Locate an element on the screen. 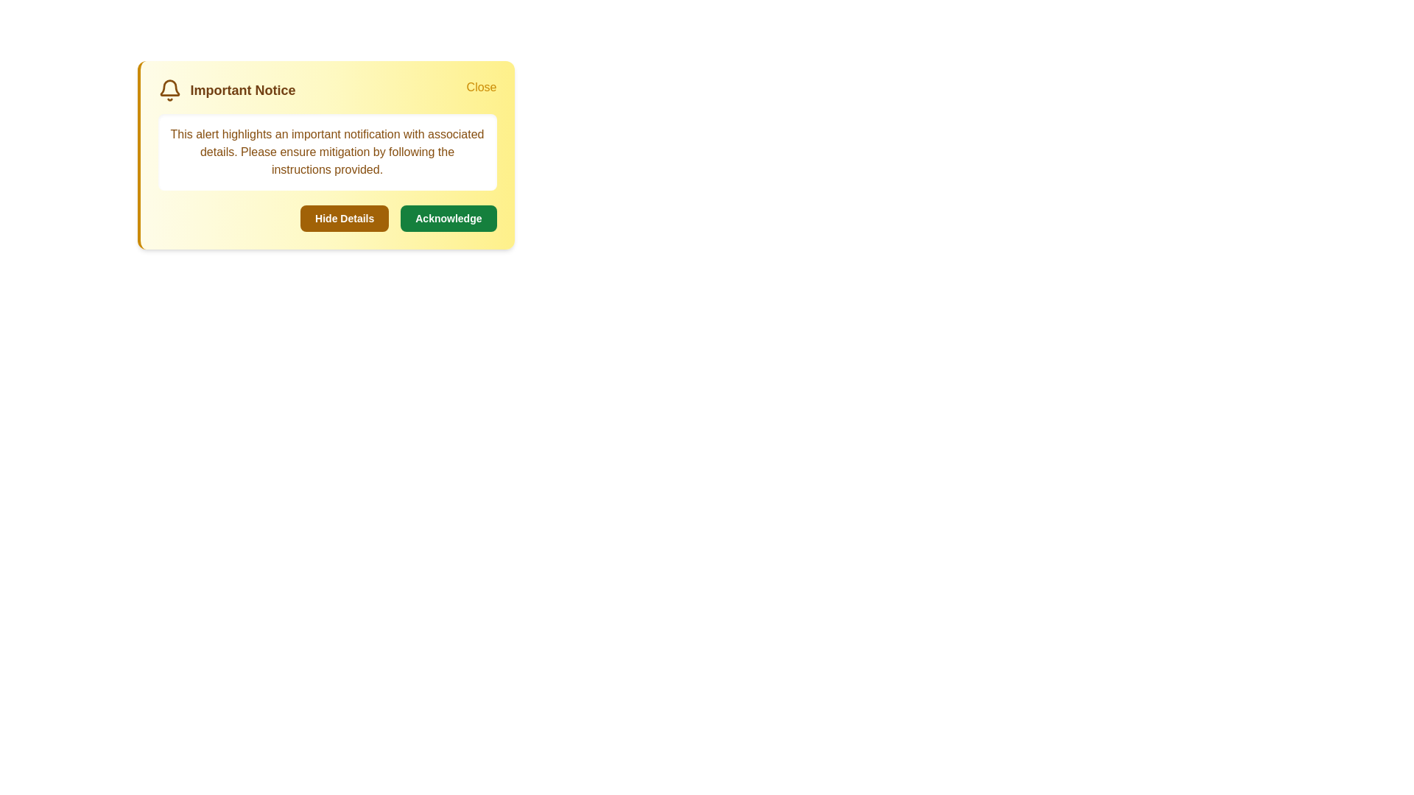 The height and width of the screenshot is (795, 1414). the 'Close' button to observe hover effects is located at coordinates (481, 88).